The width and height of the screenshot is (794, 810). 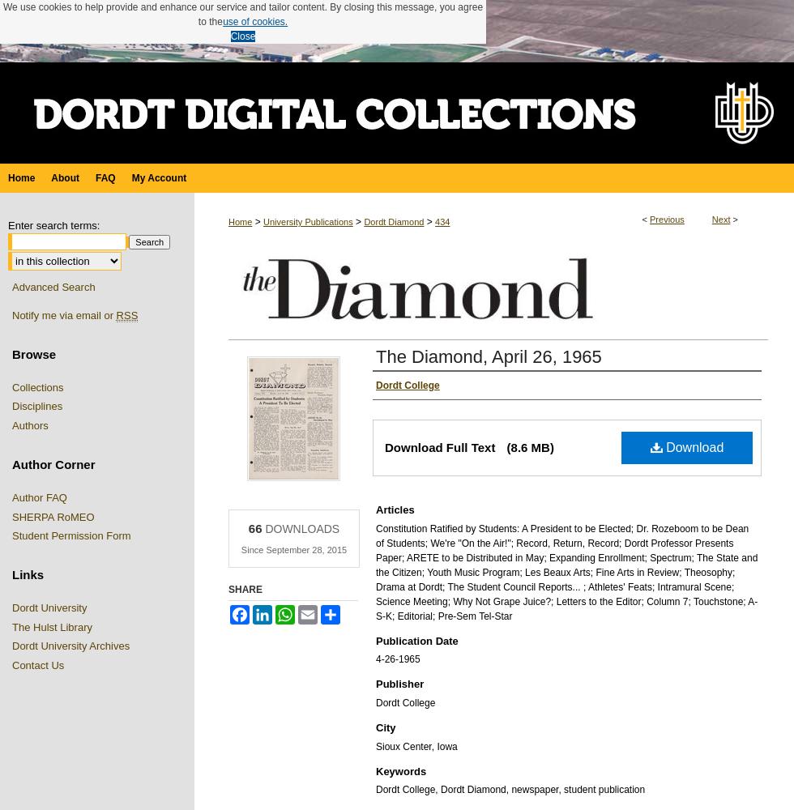 I want to click on '66', so click(x=254, y=528).